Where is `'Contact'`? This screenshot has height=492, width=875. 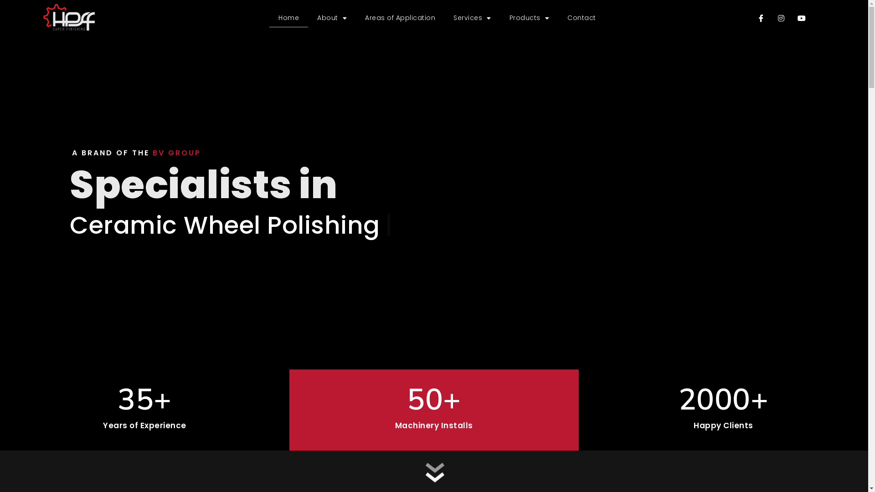 'Contact' is located at coordinates (581, 18).